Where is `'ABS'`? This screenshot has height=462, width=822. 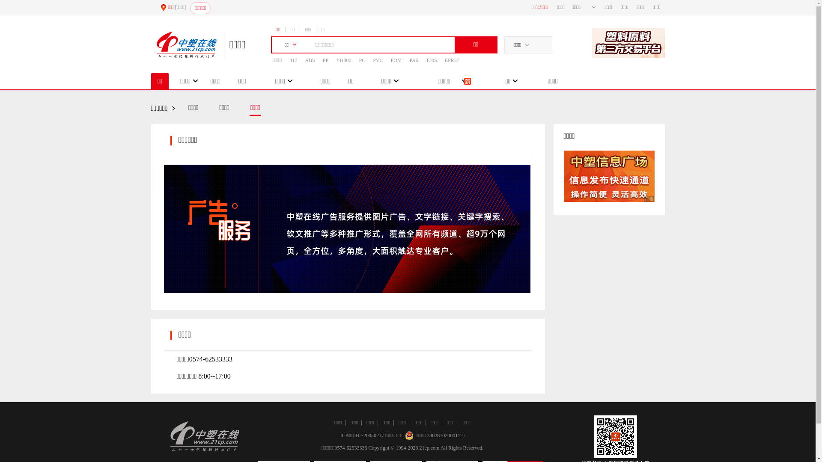 'ABS' is located at coordinates (309, 60).